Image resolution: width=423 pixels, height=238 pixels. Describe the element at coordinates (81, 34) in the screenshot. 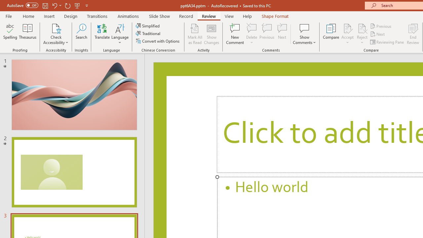

I see `'Search'` at that location.